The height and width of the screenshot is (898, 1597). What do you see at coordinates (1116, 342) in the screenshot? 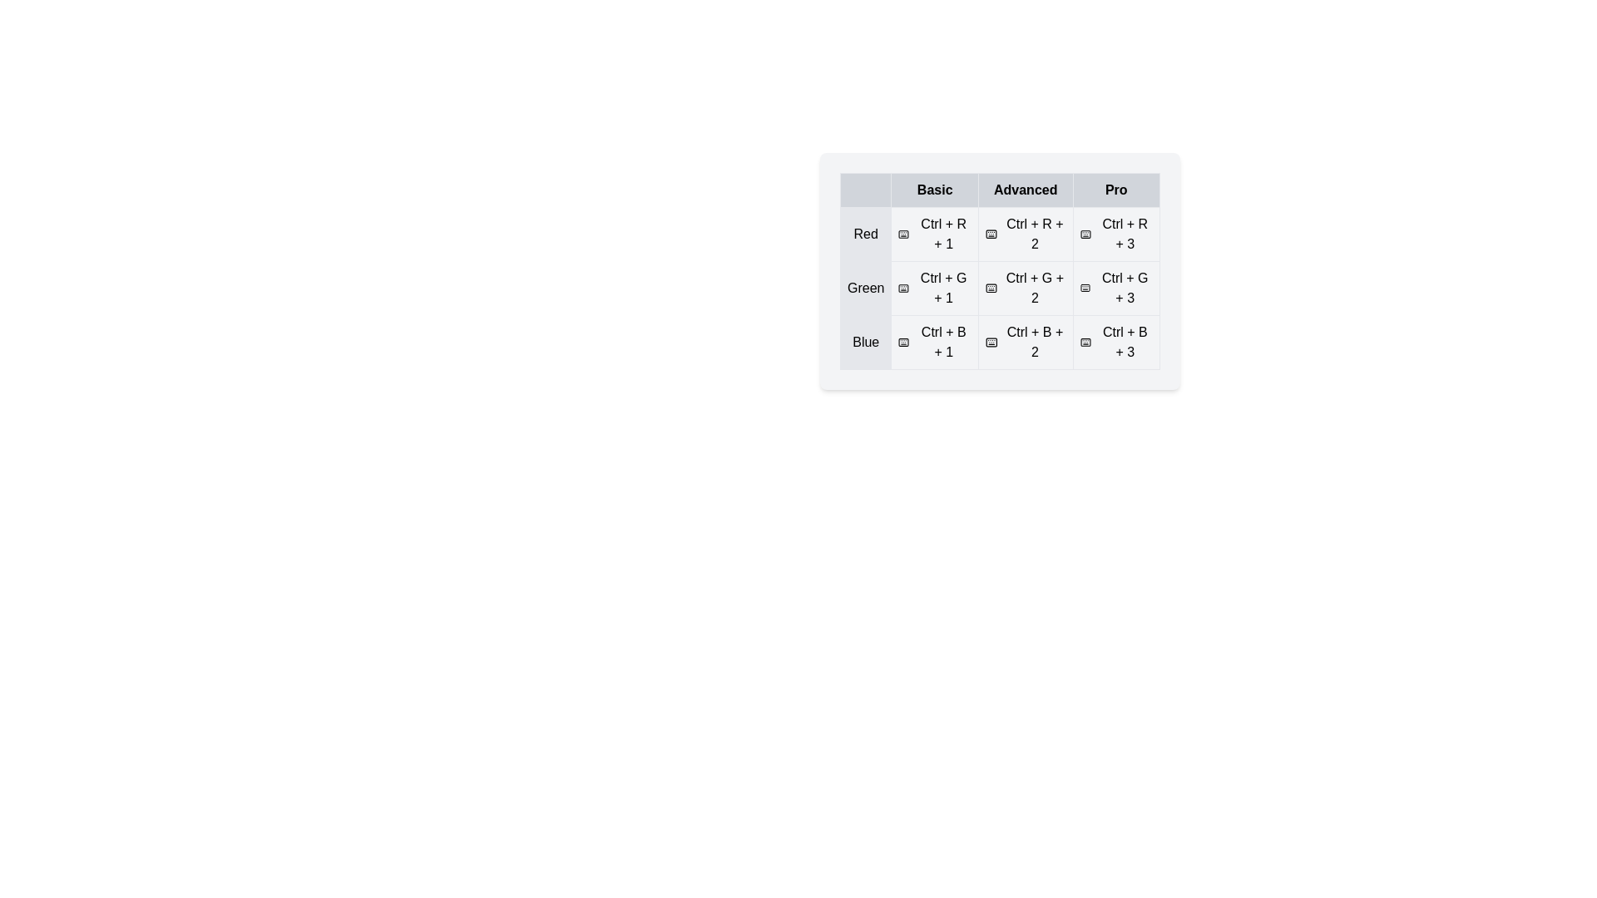
I see `the shortcut information of the text label reading 'Ctrl + B + 3' with a keyboard icon located in the bottom-right corner of the grid structure in the 'Pro' column of the 'Blue' row` at bounding box center [1116, 342].